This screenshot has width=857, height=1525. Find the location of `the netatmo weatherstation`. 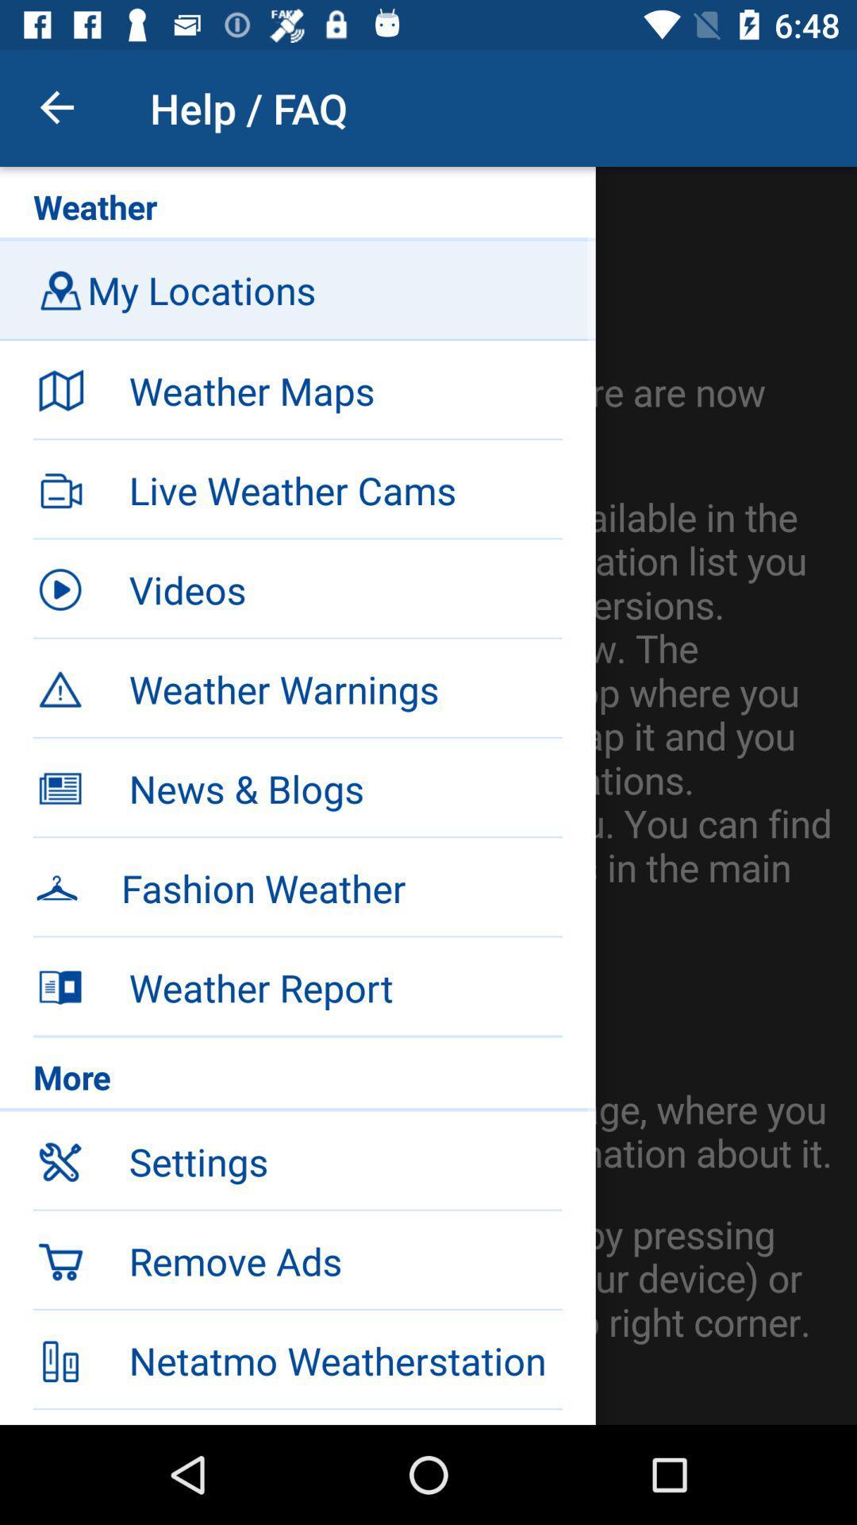

the netatmo weatherstation is located at coordinates (344, 1360).